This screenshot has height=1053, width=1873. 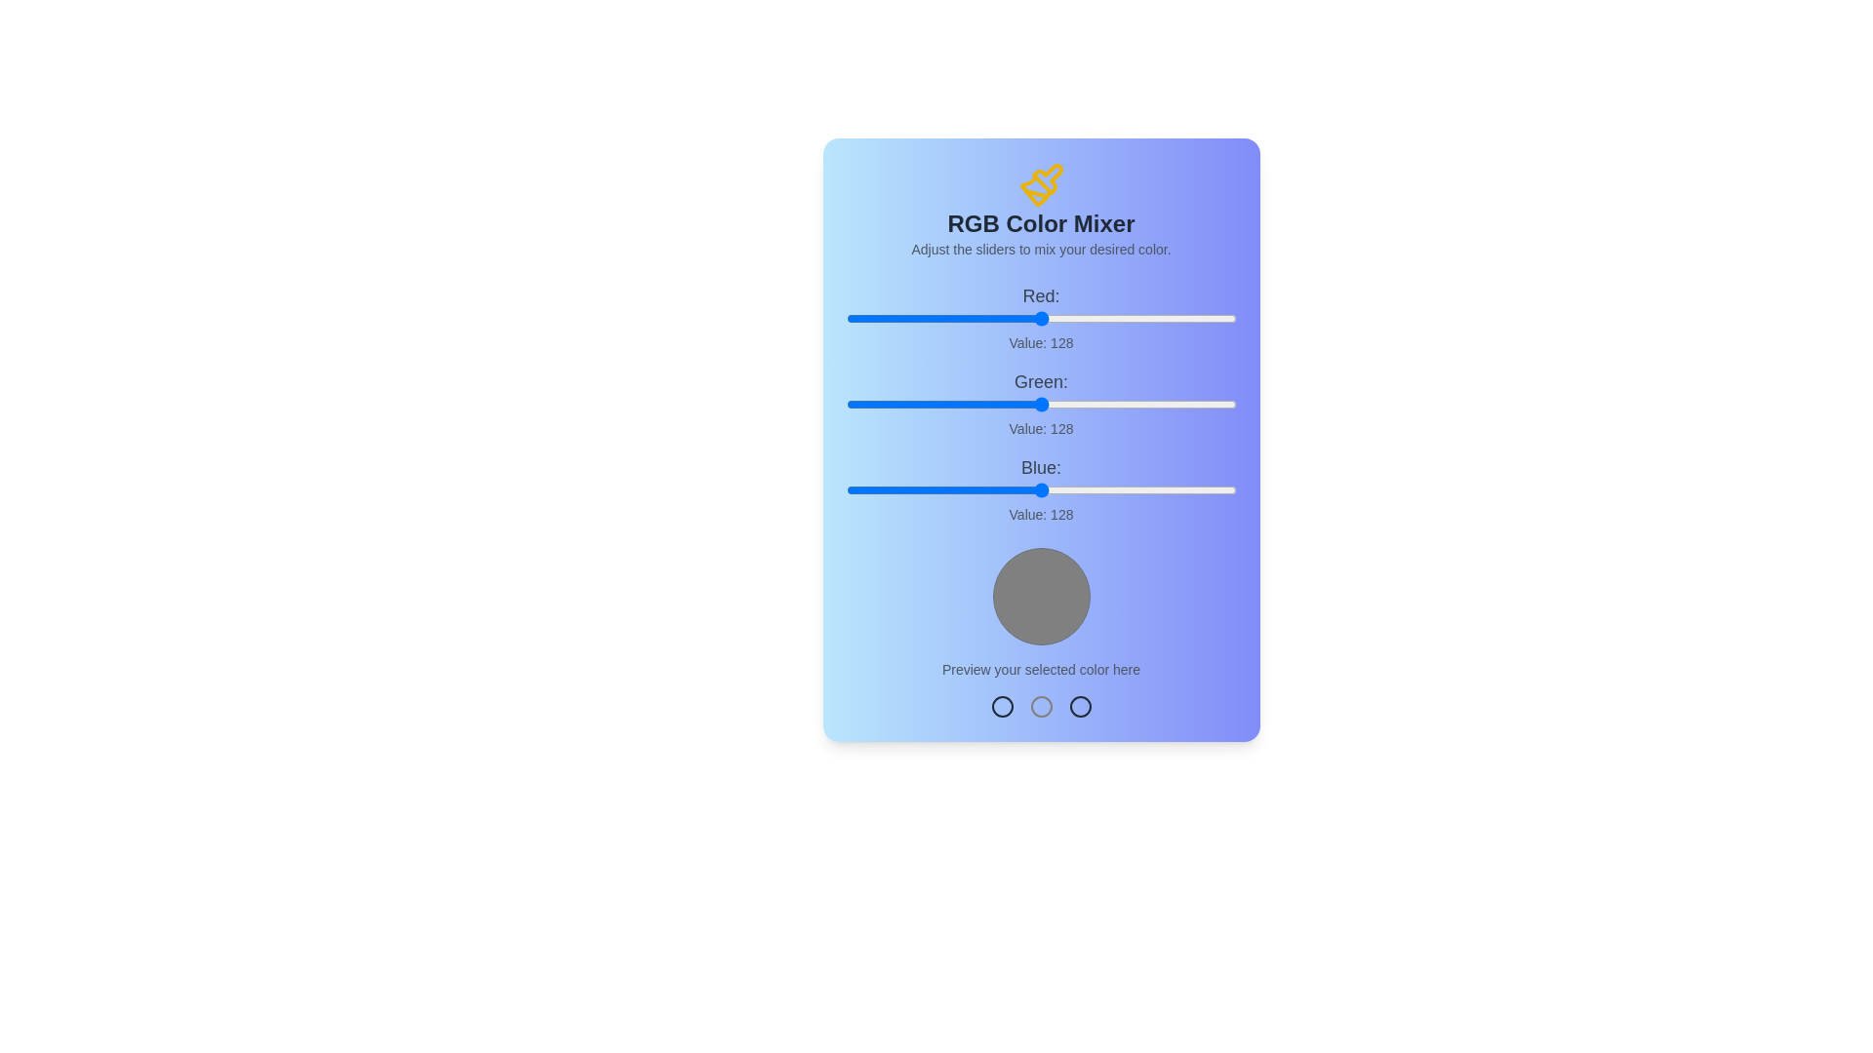 What do you see at coordinates (1212, 404) in the screenshot?
I see `the green slider to set the green value to 240` at bounding box center [1212, 404].